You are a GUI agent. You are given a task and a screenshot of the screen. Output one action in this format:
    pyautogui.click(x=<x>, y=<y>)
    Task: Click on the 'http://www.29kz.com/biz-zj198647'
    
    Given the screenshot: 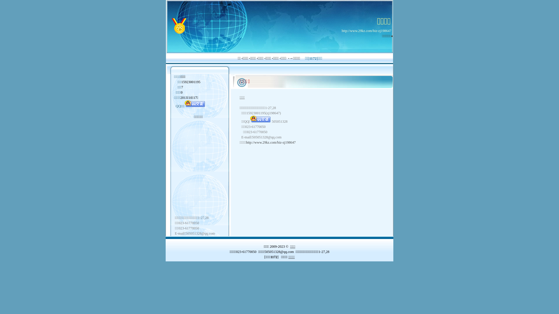 What is the action you would take?
    pyautogui.click(x=270, y=142)
    